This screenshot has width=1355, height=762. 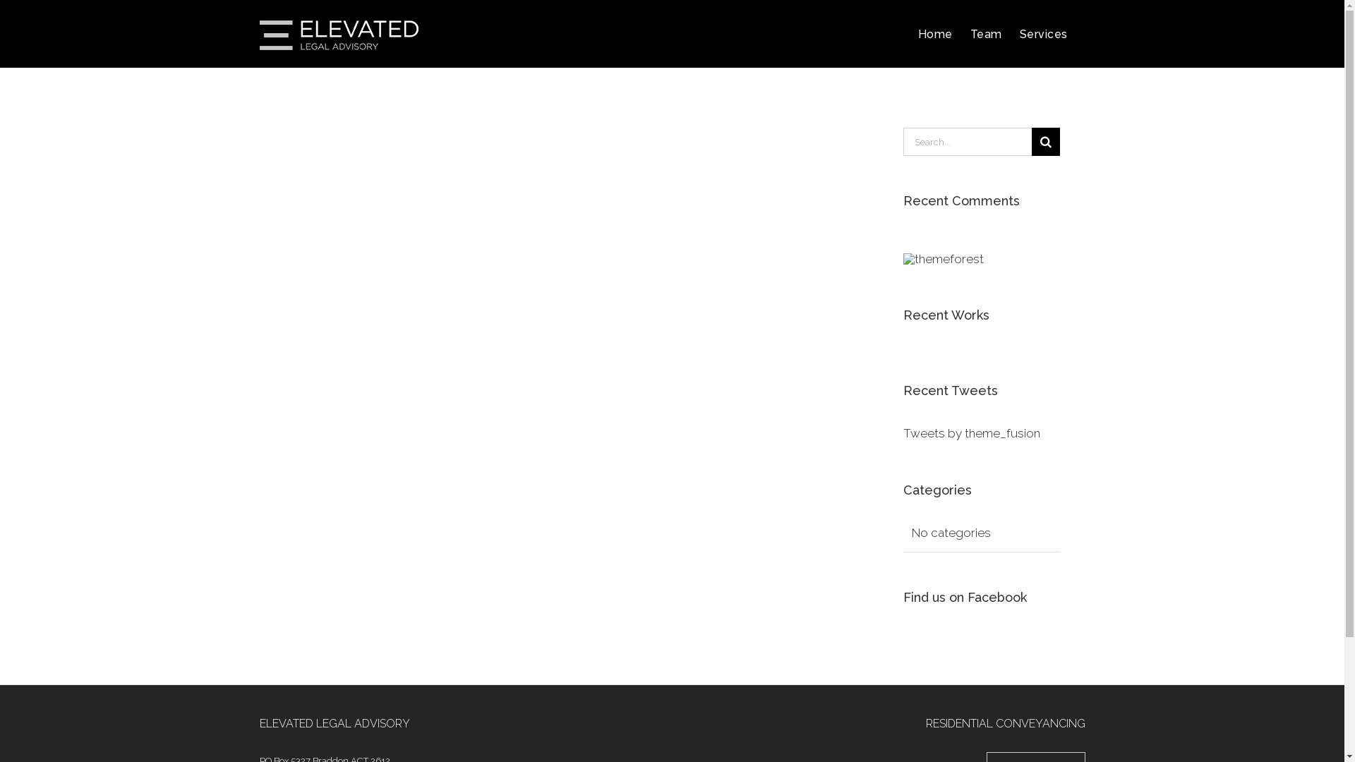 I want to click on 'Home', so click(x=934, y=32).